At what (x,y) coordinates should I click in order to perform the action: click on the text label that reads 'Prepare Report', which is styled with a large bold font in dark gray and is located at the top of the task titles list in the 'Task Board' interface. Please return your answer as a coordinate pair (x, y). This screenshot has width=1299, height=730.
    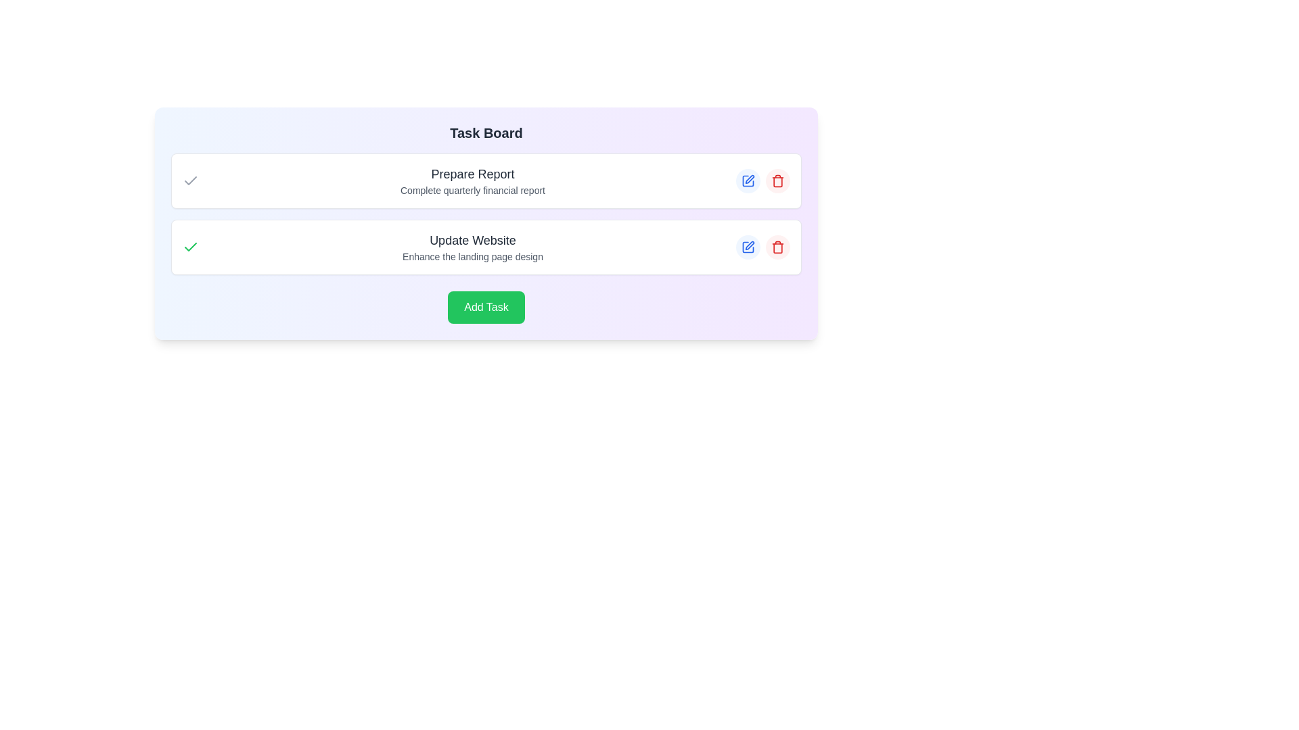
    Looking at the image, I should click on (473, 174).